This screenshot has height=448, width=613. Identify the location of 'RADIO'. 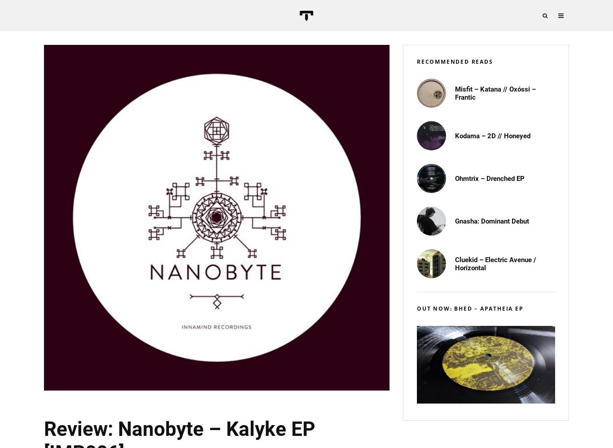
(582, 139).